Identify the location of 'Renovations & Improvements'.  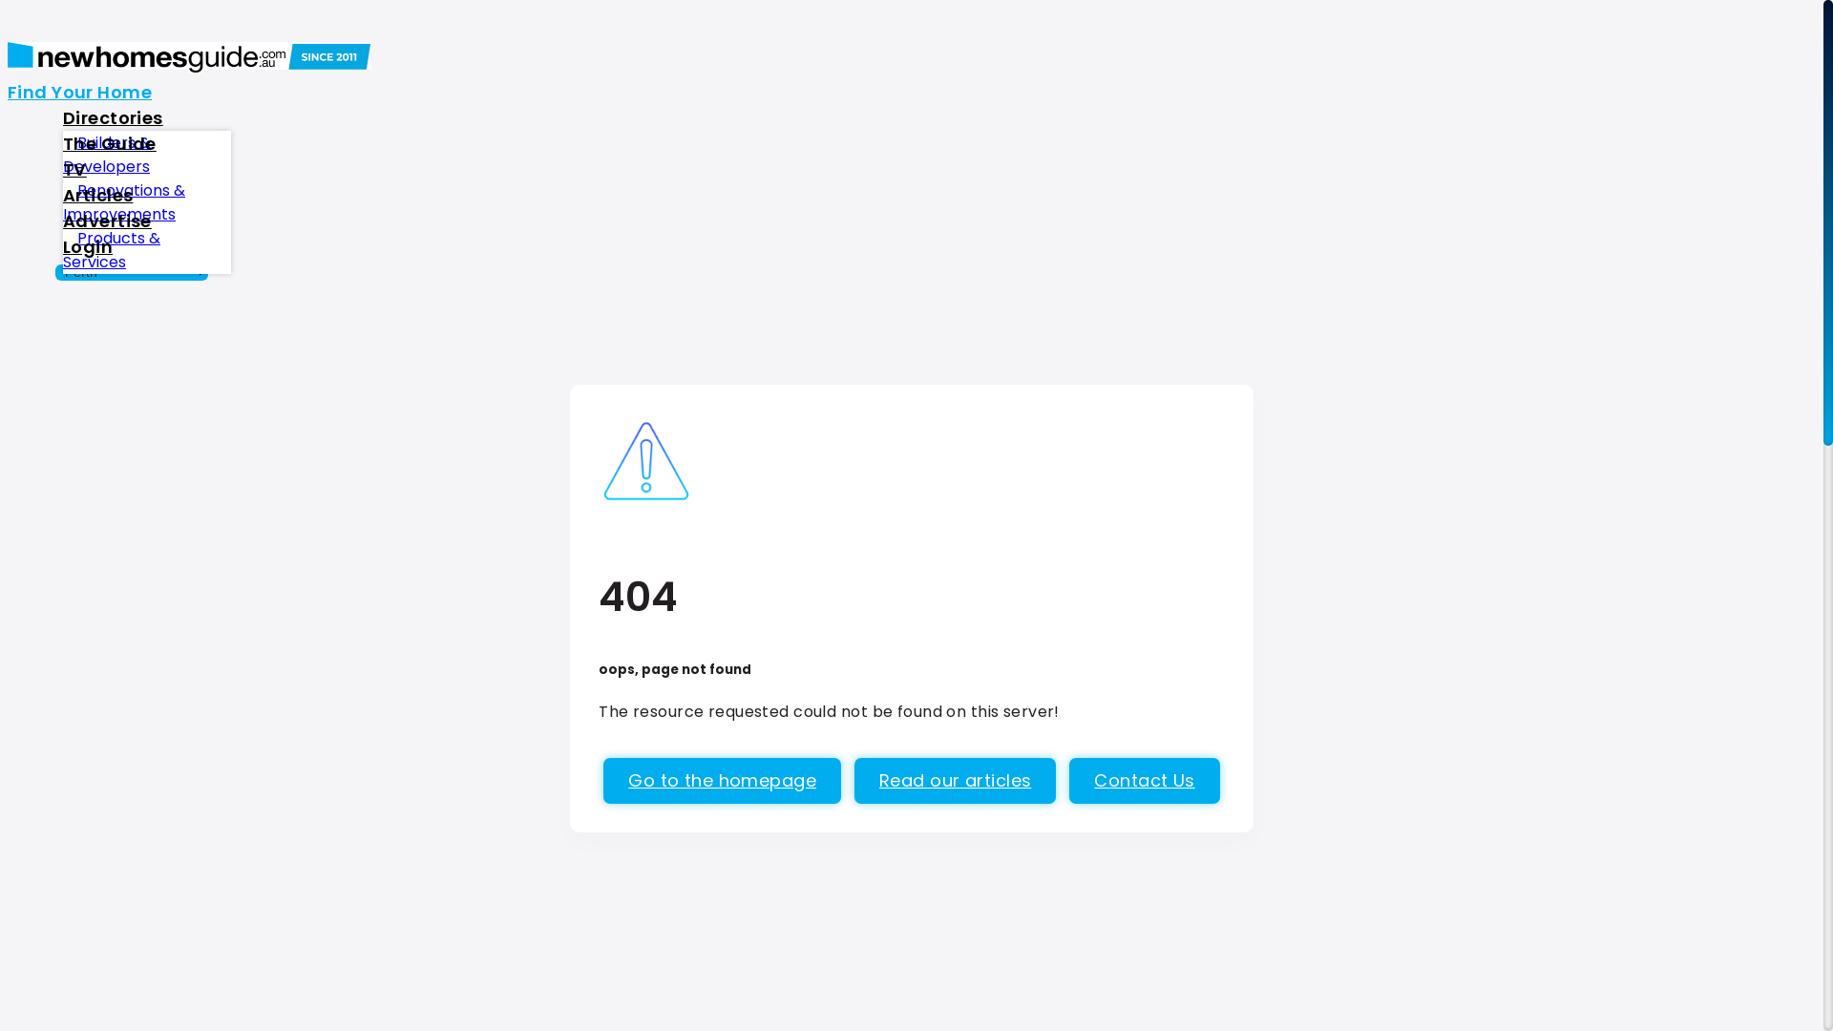
(125, 202).